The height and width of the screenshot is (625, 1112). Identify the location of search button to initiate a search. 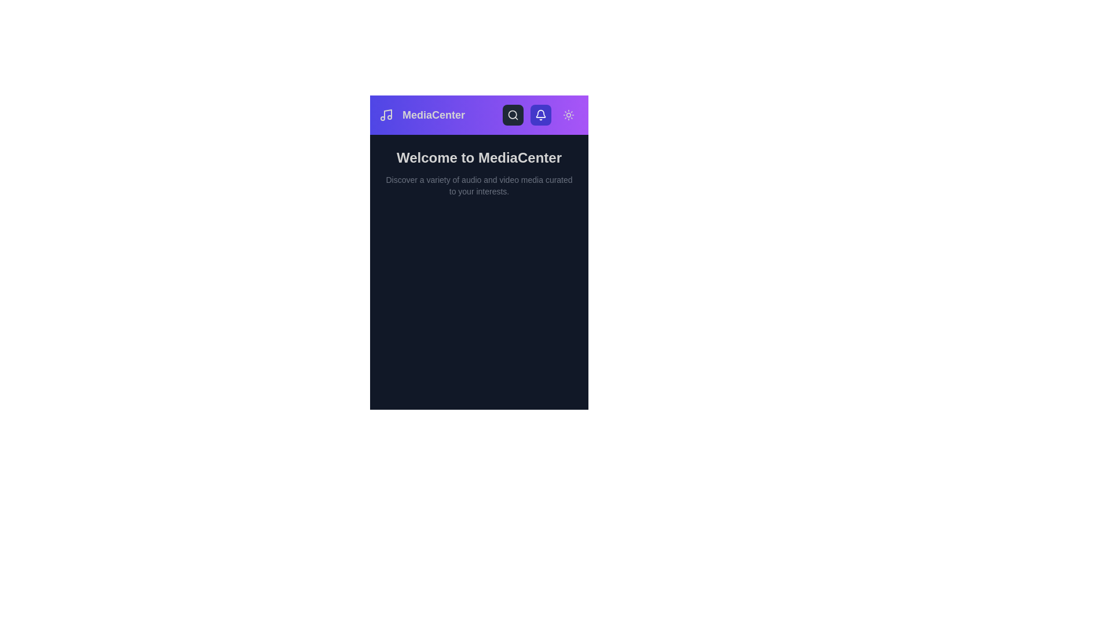
(513, 115).